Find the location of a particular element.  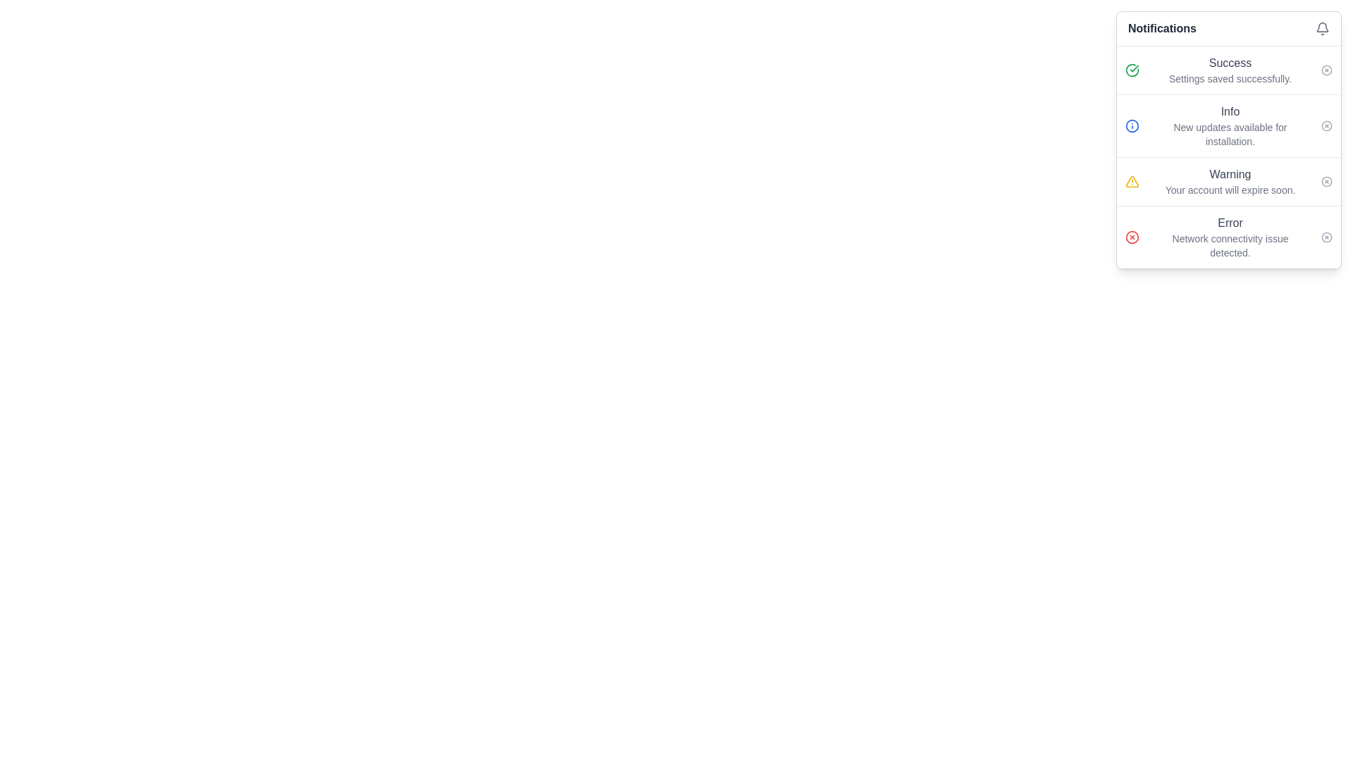

the informational icon located to the left of the text 'Info' in the second notification entry is located at coordinates (1132, 125).